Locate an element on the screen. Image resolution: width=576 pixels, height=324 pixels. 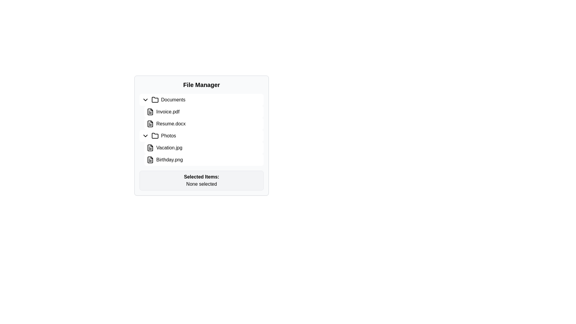
the file icon representing 'Invoice.pdf' in the file list interface of the file manager is located at coordinates (150, 112).